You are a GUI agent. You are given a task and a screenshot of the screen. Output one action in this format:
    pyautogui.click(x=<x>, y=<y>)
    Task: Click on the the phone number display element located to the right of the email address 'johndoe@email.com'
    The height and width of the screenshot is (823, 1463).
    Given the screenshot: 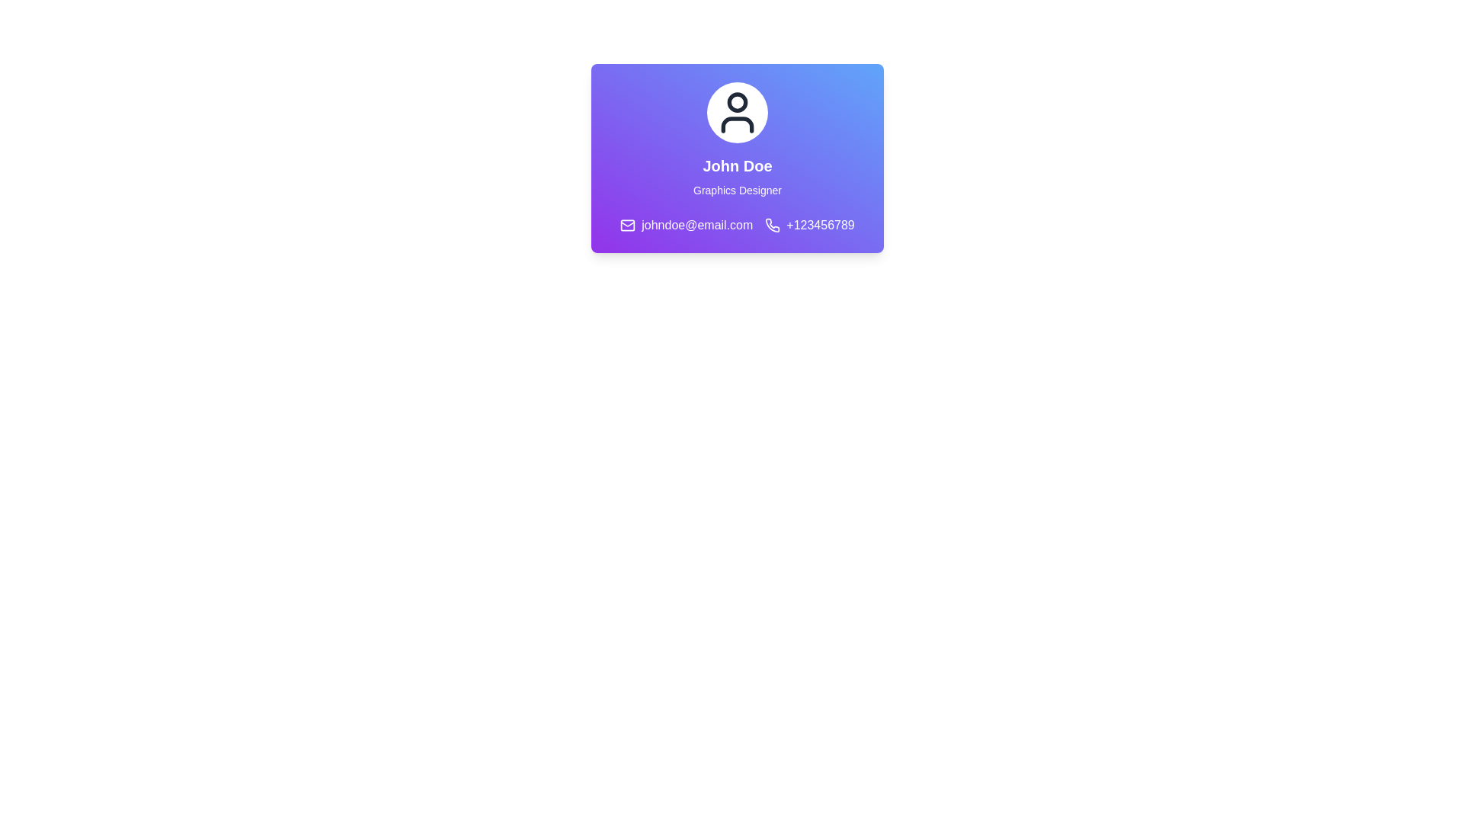 What is the action you would take?
    pyautogui.click(x=809, y=226)
    